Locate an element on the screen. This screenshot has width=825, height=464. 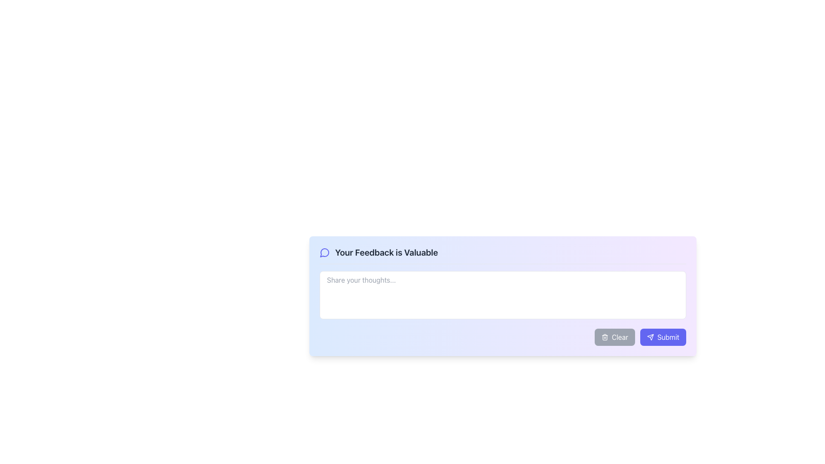
the trash can icon within the gray-colored 'Clear' button at the bottom-right of the feedback interface to clear the user input is located at coordinates (604, 337).